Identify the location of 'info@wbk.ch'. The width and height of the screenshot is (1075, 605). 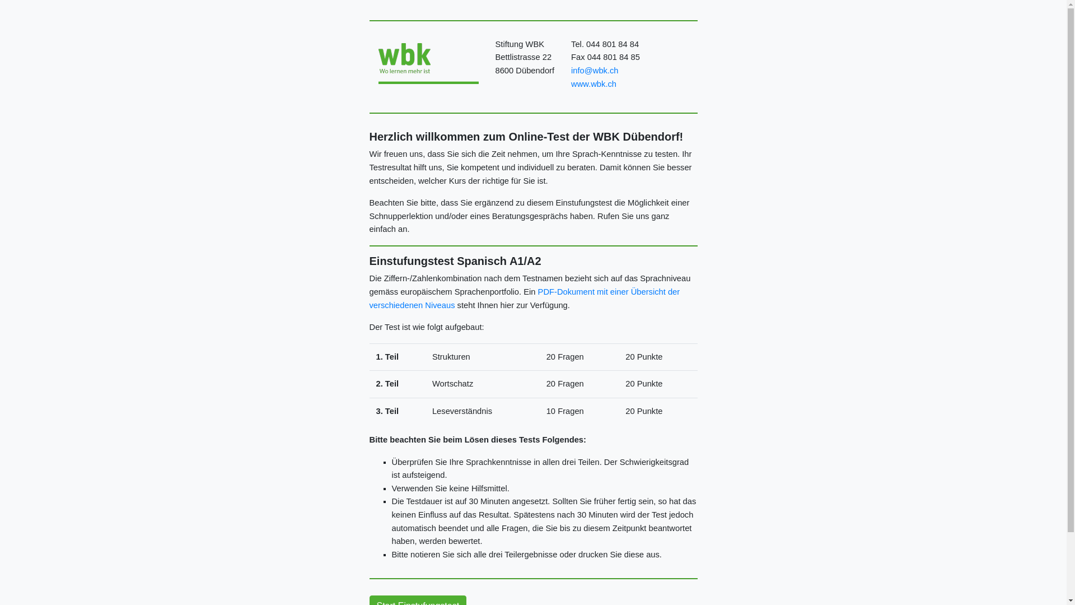
(593, 71).